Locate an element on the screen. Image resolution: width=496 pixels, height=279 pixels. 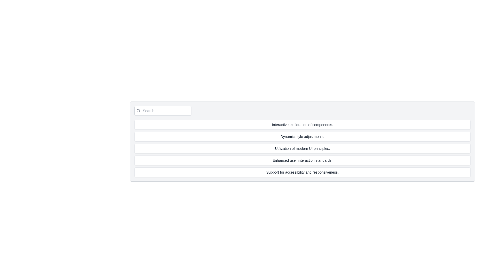
the bold black letter 'S' in the word 'Support' within the sentence 'Support for accessibility and responsiveness.' located in the last row of the list is located at coordinates (267, 172).